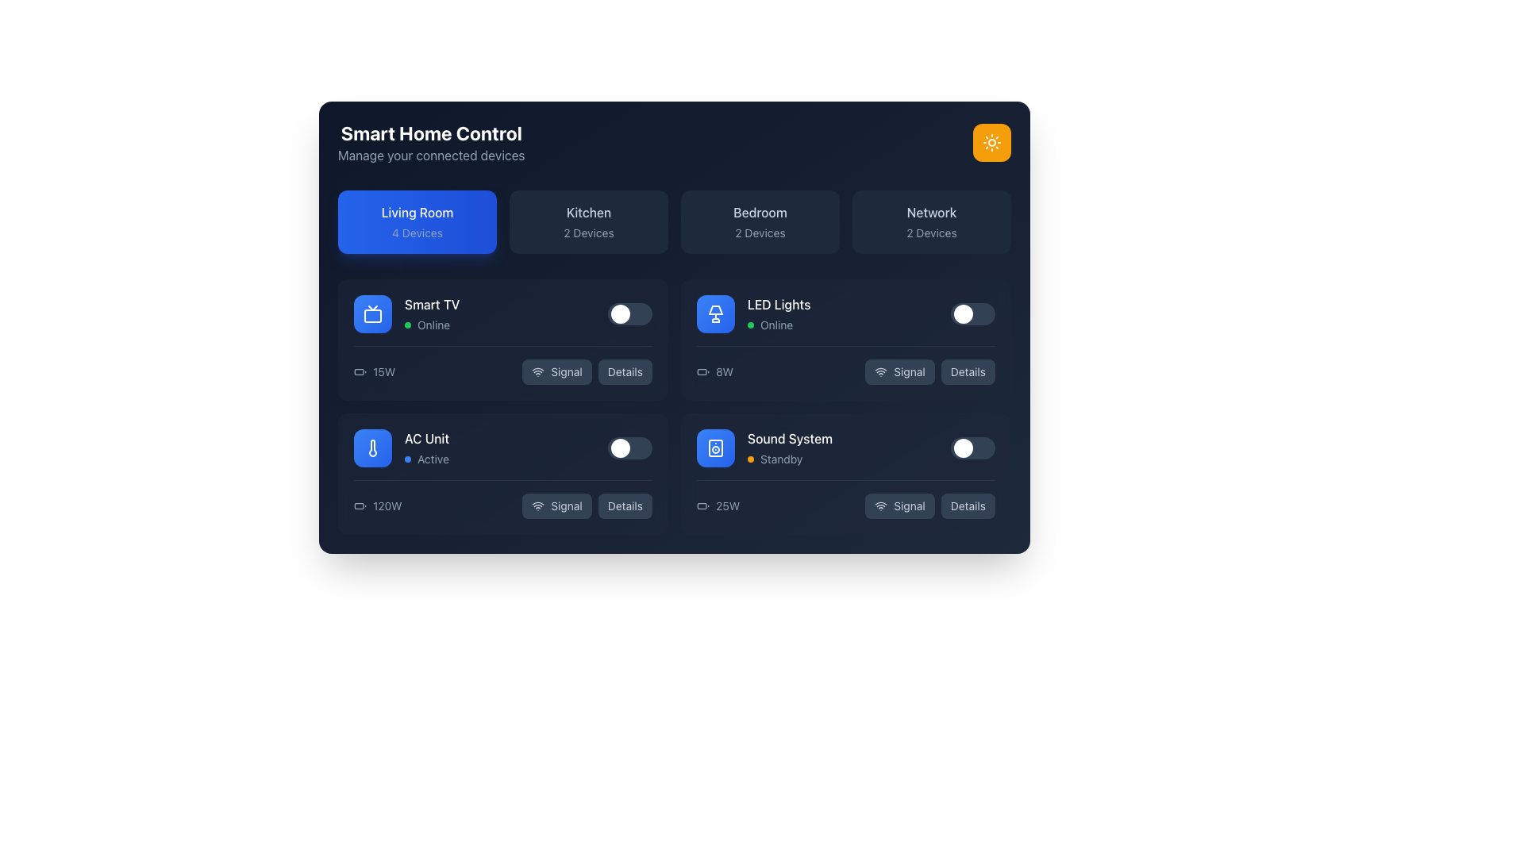 Image resolution: width=1524 pixels, height=857 pixels. What do you see at coordinates (556, 372) in the screenshot?
I see `the 'Signal' button with a Wi-Fi icon located in the bottom left of the 'Smart TV' card in the 'Living Room' section for keyboard navigation` at bounding box center [556, 372].